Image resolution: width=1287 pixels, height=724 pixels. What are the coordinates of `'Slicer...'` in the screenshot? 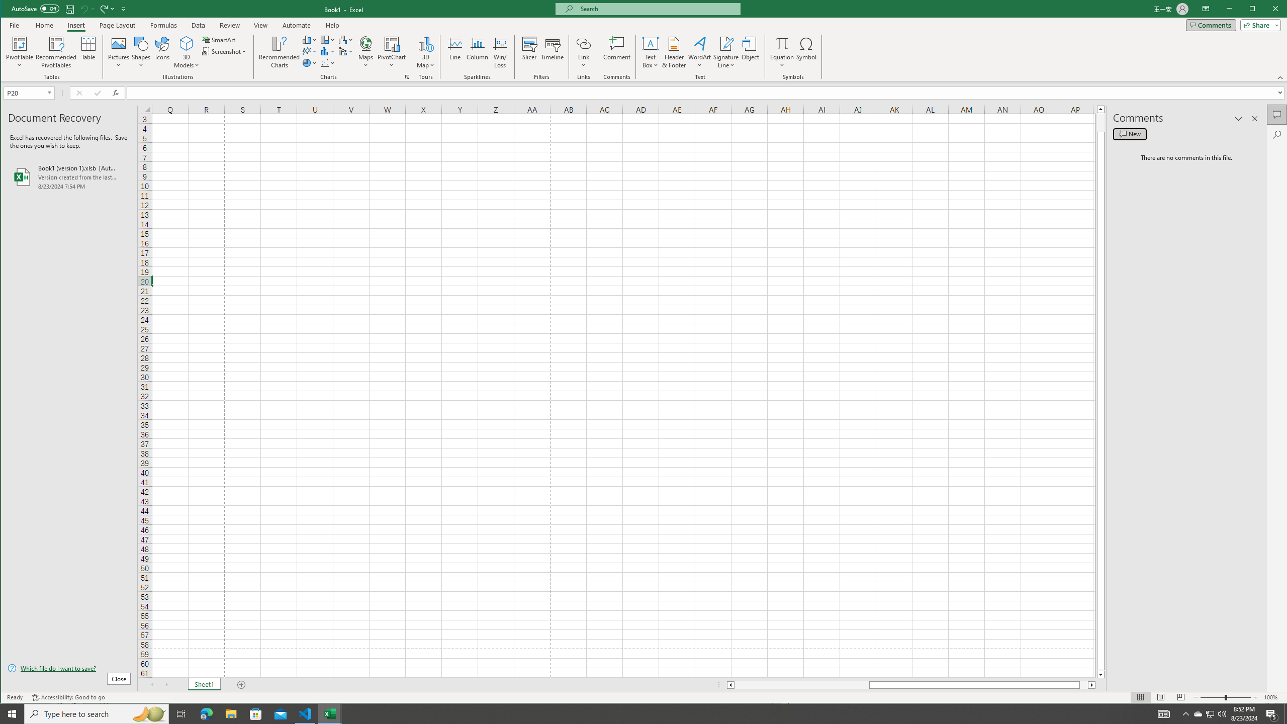 It's located at (529, 52).